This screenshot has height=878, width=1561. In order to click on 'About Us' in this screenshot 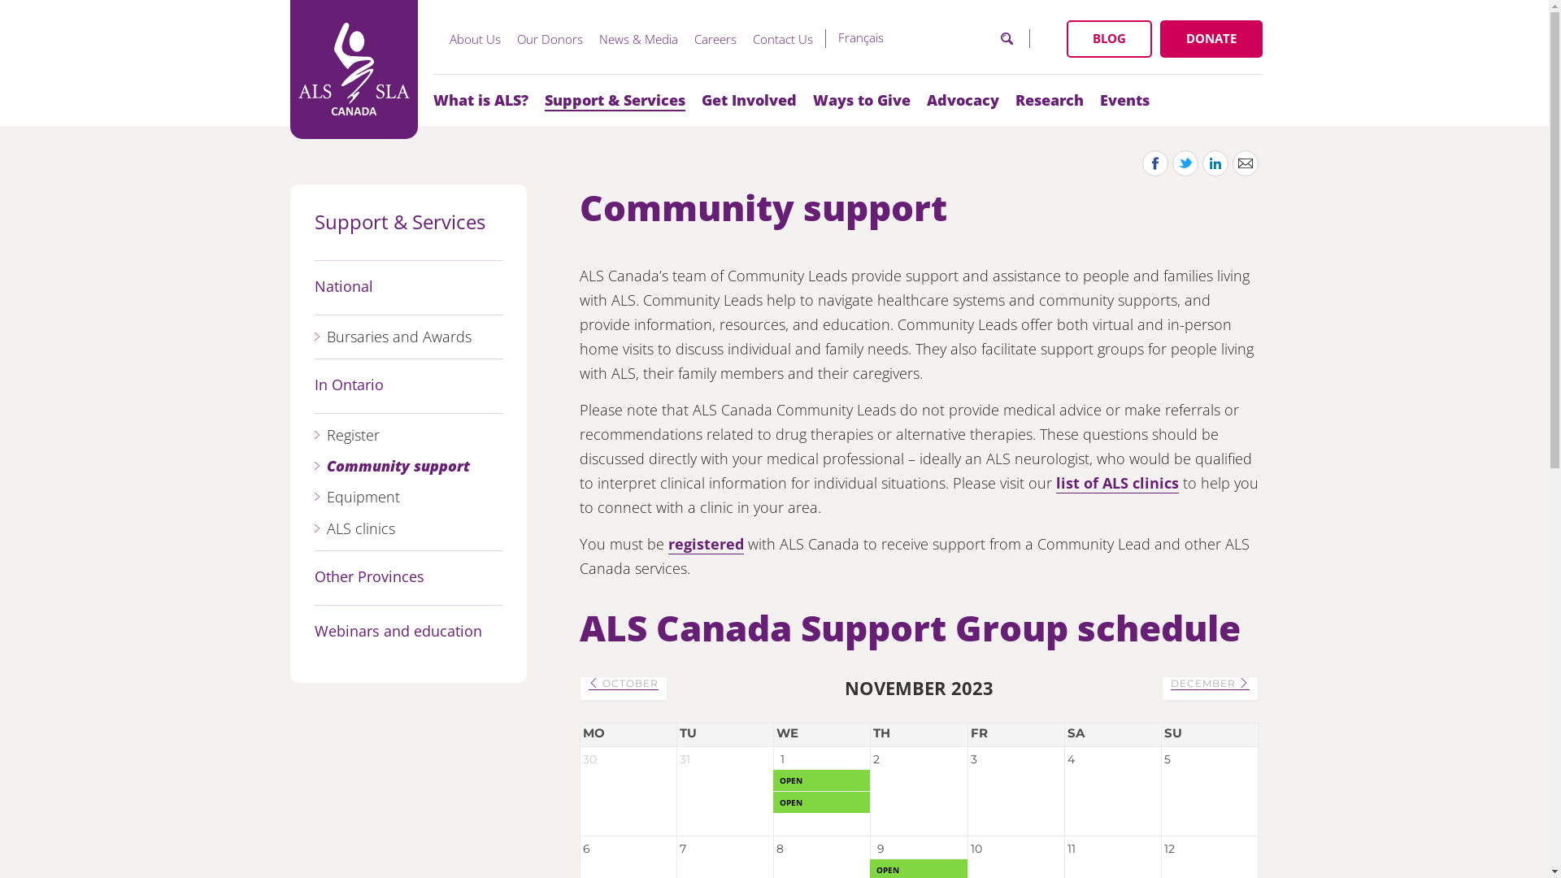, I will do `click(473, 38)`.